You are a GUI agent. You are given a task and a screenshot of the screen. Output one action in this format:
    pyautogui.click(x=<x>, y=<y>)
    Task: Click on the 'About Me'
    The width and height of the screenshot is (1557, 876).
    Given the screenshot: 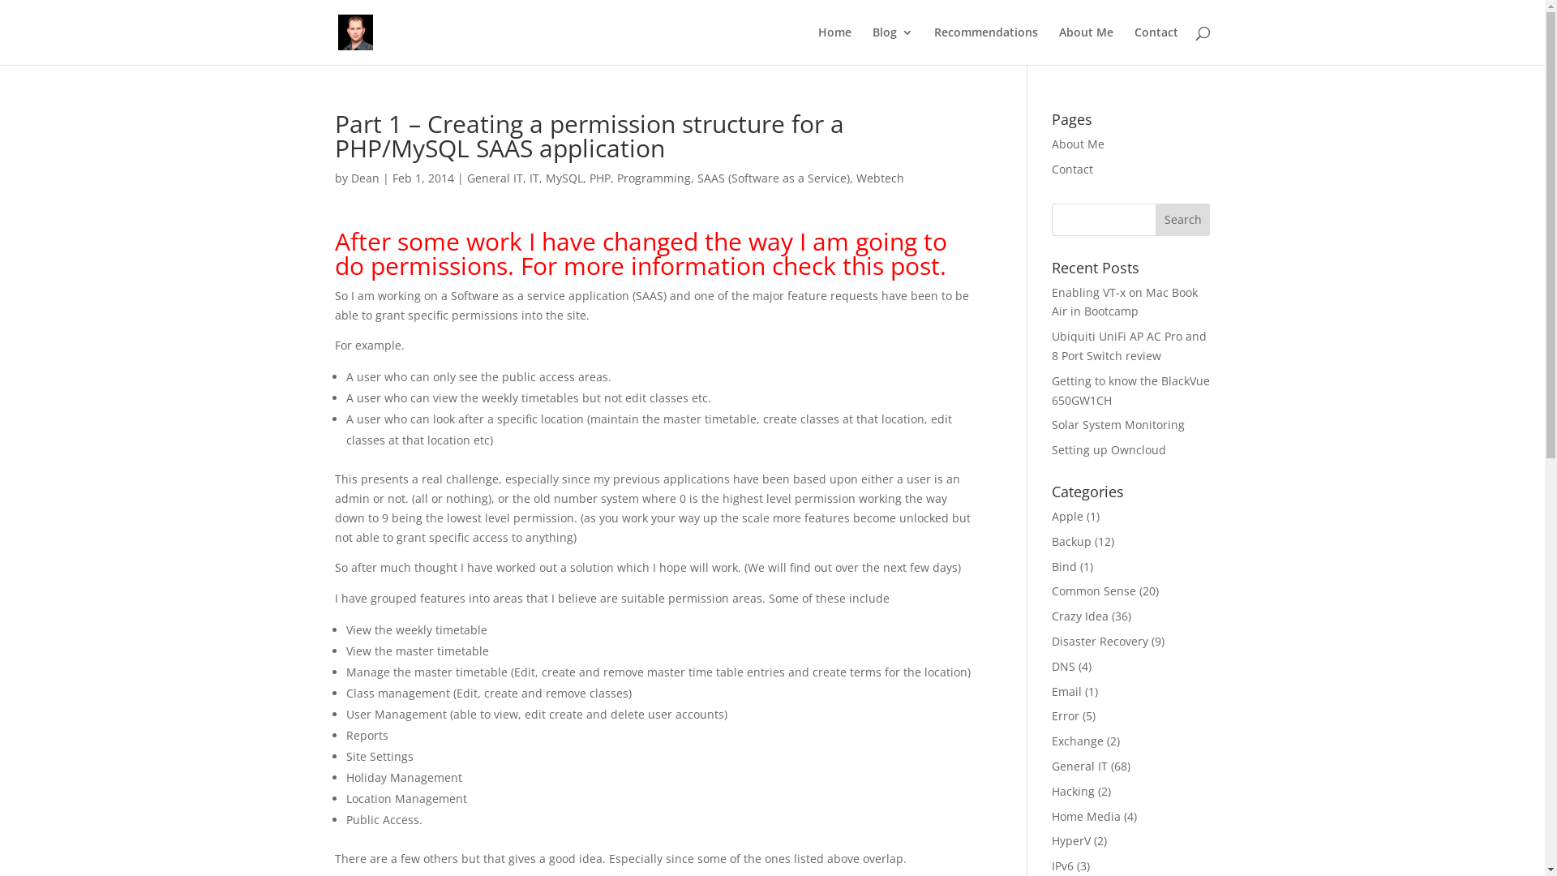 What is the action you would take?
    pyautogui.click(x=1086, y=45)
    